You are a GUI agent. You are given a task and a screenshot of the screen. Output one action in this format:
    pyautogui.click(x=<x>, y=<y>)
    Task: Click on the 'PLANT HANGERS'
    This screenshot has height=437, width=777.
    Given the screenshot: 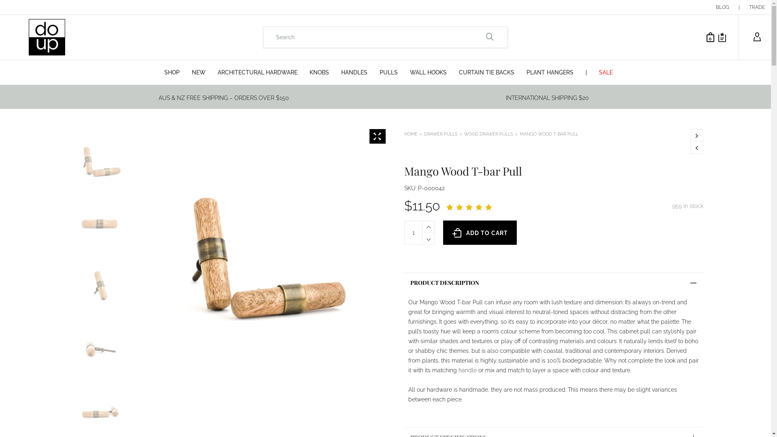 What is the action you would take?
    pyautogui.click(x=520, y=72)
    